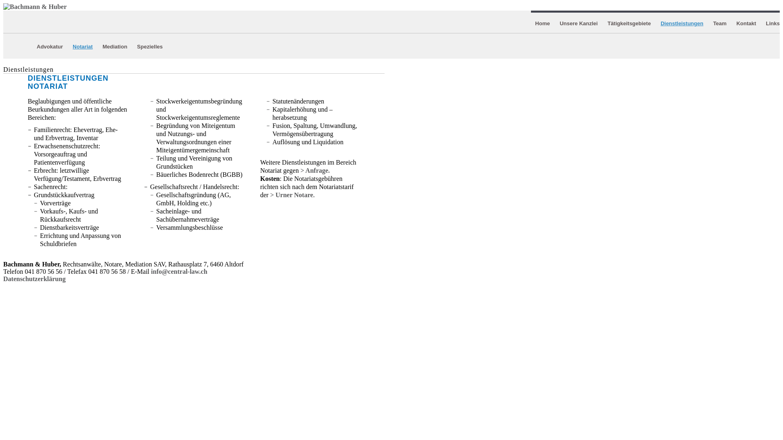 The width and height of the screenshot is (783, 440). I want to click on 'Links', so click(765, 23).